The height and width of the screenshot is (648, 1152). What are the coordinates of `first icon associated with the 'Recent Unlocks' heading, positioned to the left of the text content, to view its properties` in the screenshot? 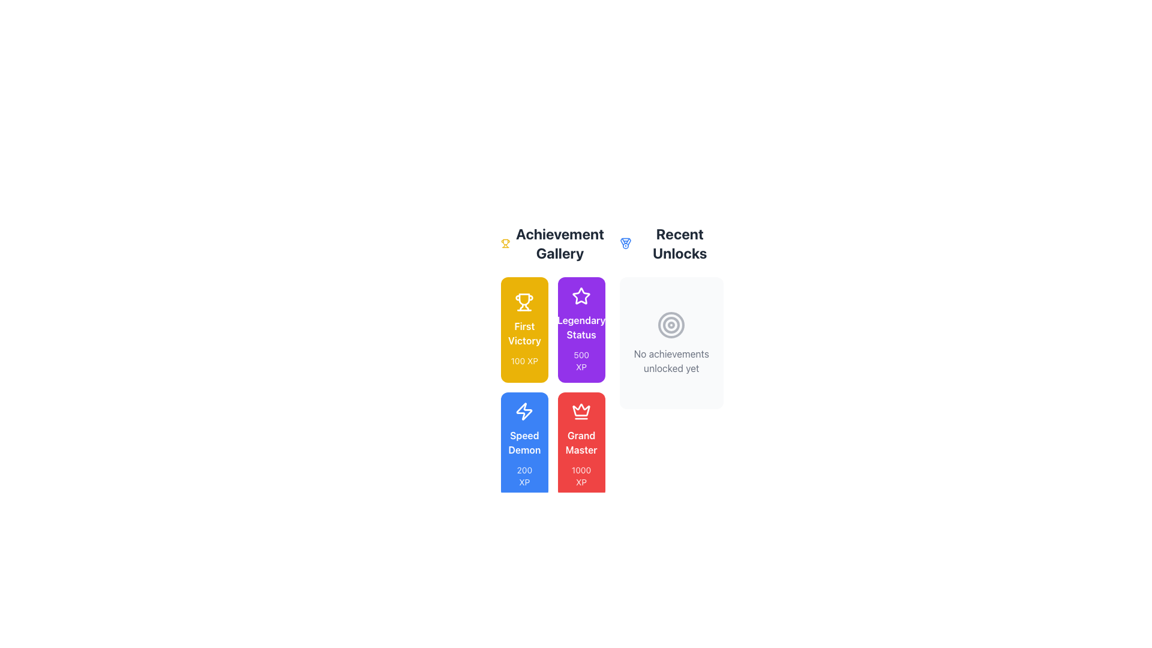 It's located at (625, 243).